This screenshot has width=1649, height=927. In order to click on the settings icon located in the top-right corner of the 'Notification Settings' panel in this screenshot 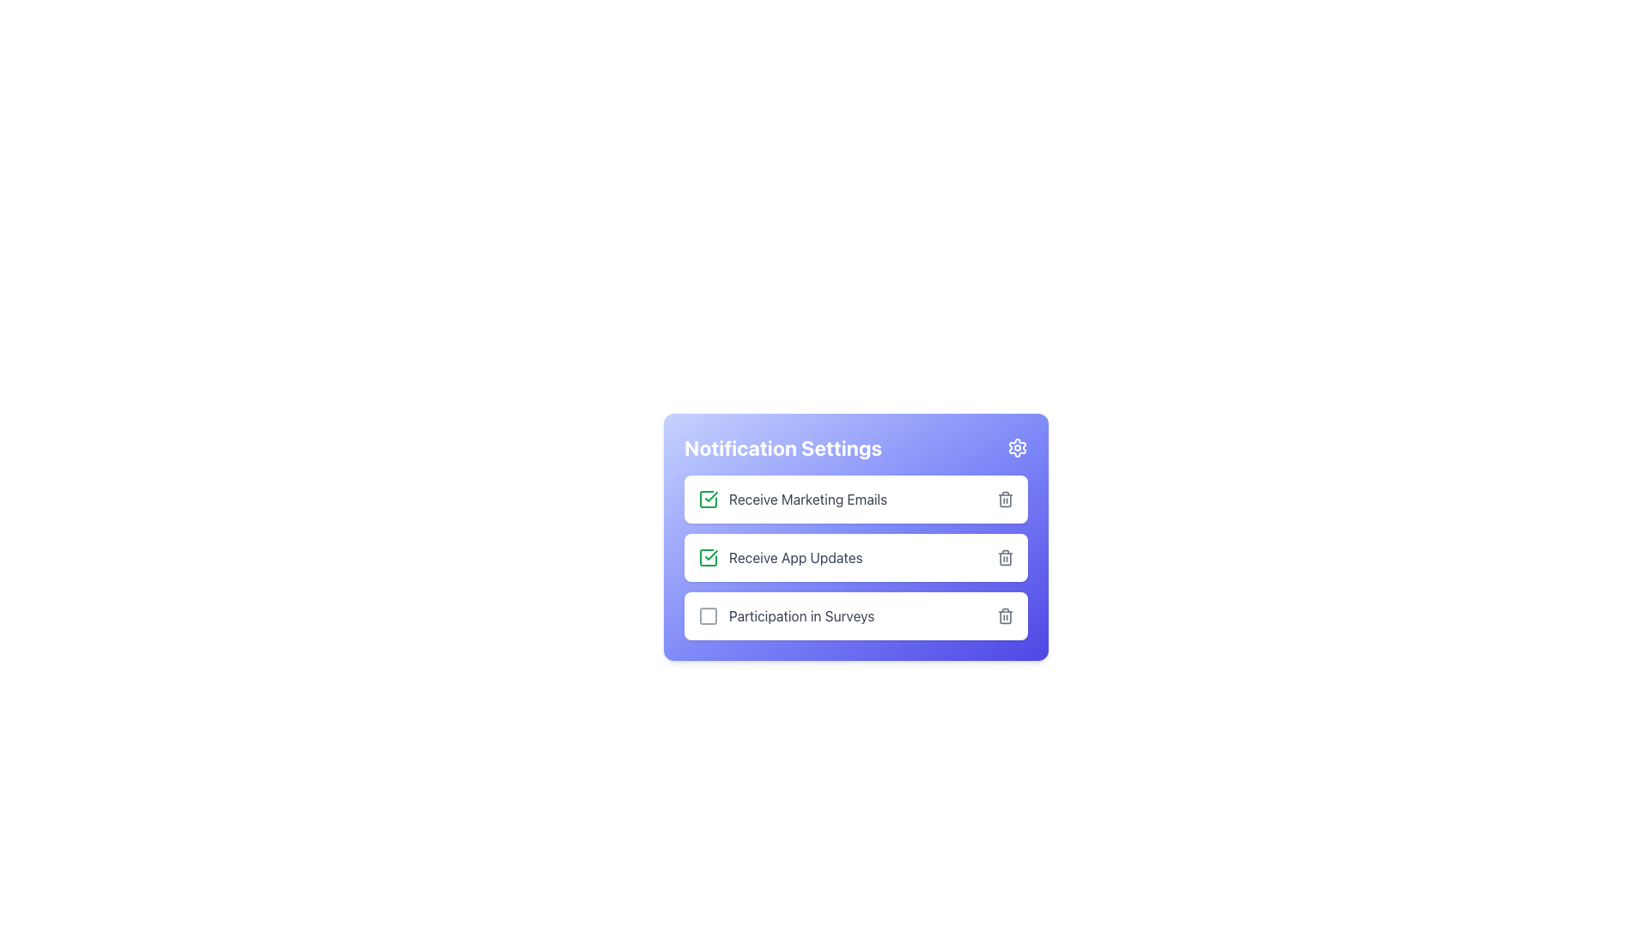, I will do `click(1018, 446)`.